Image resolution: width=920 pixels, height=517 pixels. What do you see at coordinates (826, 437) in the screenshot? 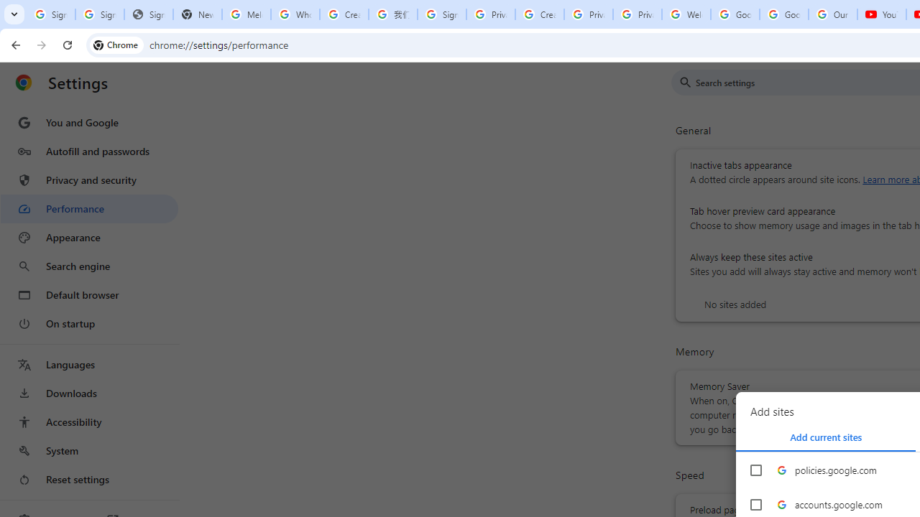
I see `'Add current sites'` at bounding box center [826, 437].